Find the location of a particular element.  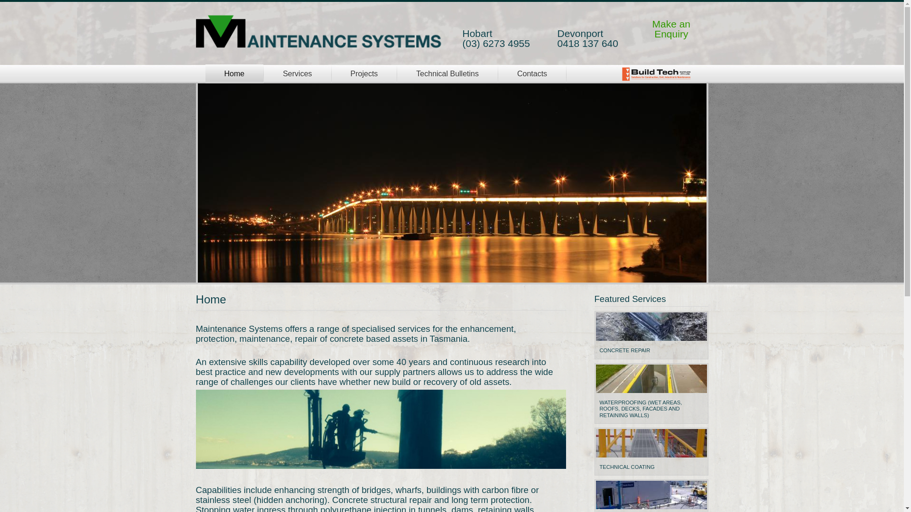

'Technical Bulletins' is located at coordinates (397, 73).